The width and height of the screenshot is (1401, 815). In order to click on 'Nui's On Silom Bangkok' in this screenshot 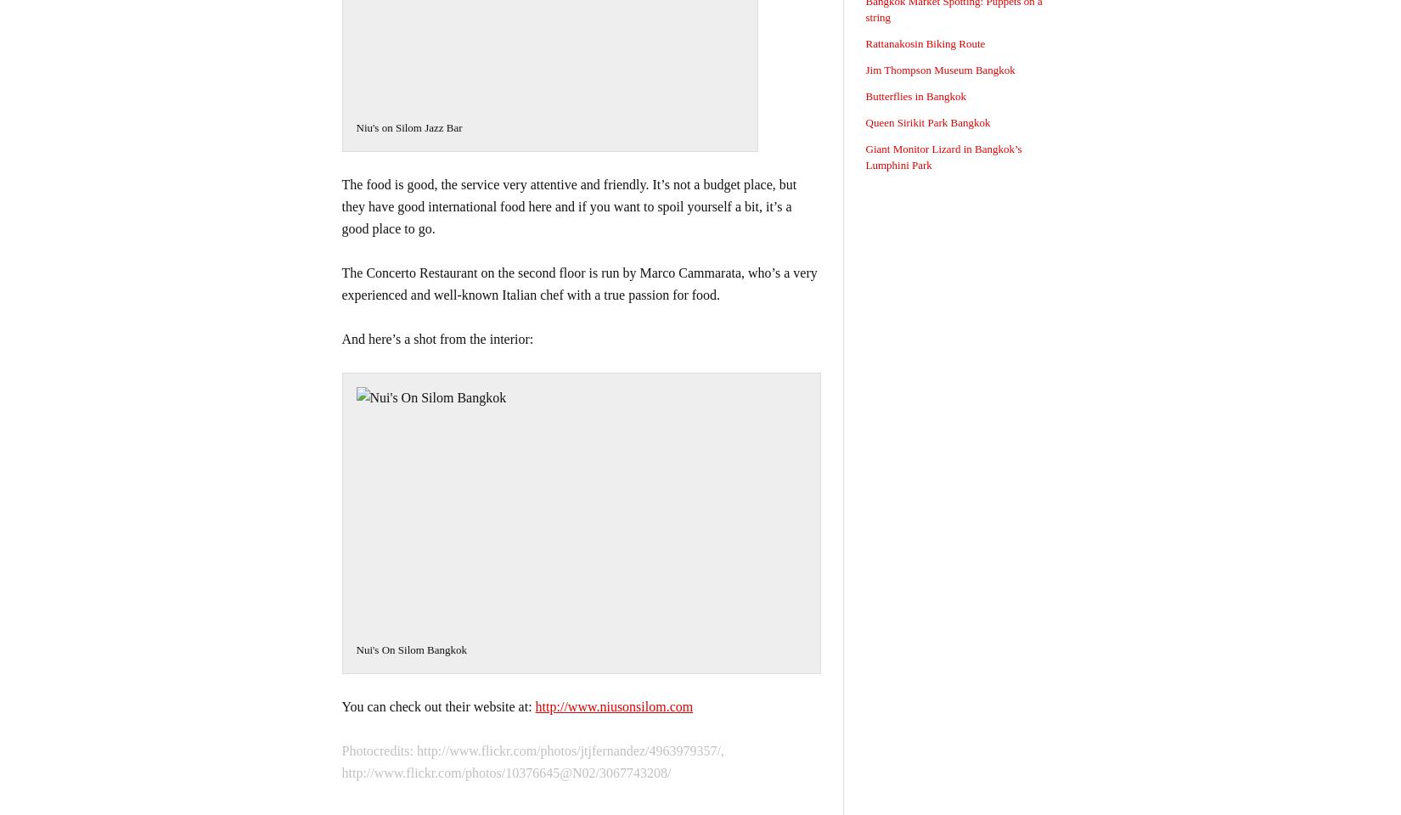, I will do `click(354, 649)`.